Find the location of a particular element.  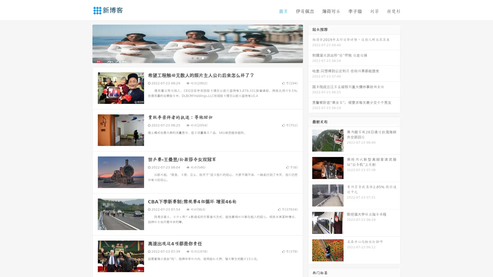

Go to slide 3 is located at coordinates (203, 58).